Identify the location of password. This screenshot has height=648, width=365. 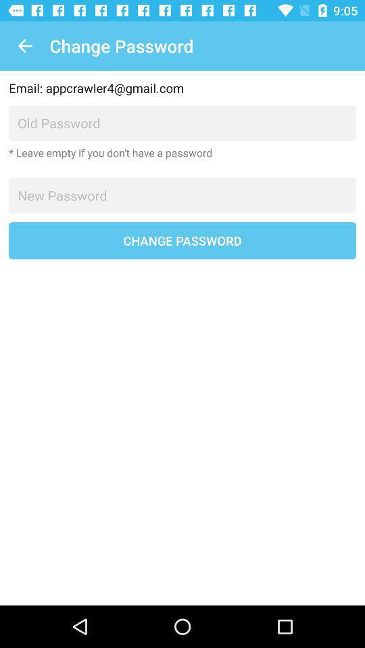
(182, 194).